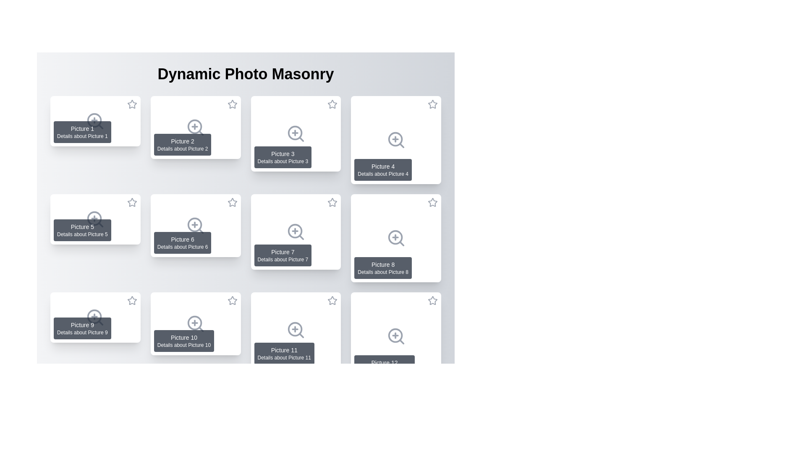 Image resolution: width=806 pixels, height=453 pixels. Describe the element at coordinates (395, 238) in the screenshot. I see `the Zoom icon button located at the center of the panel for 'Picture 8'` at that location.